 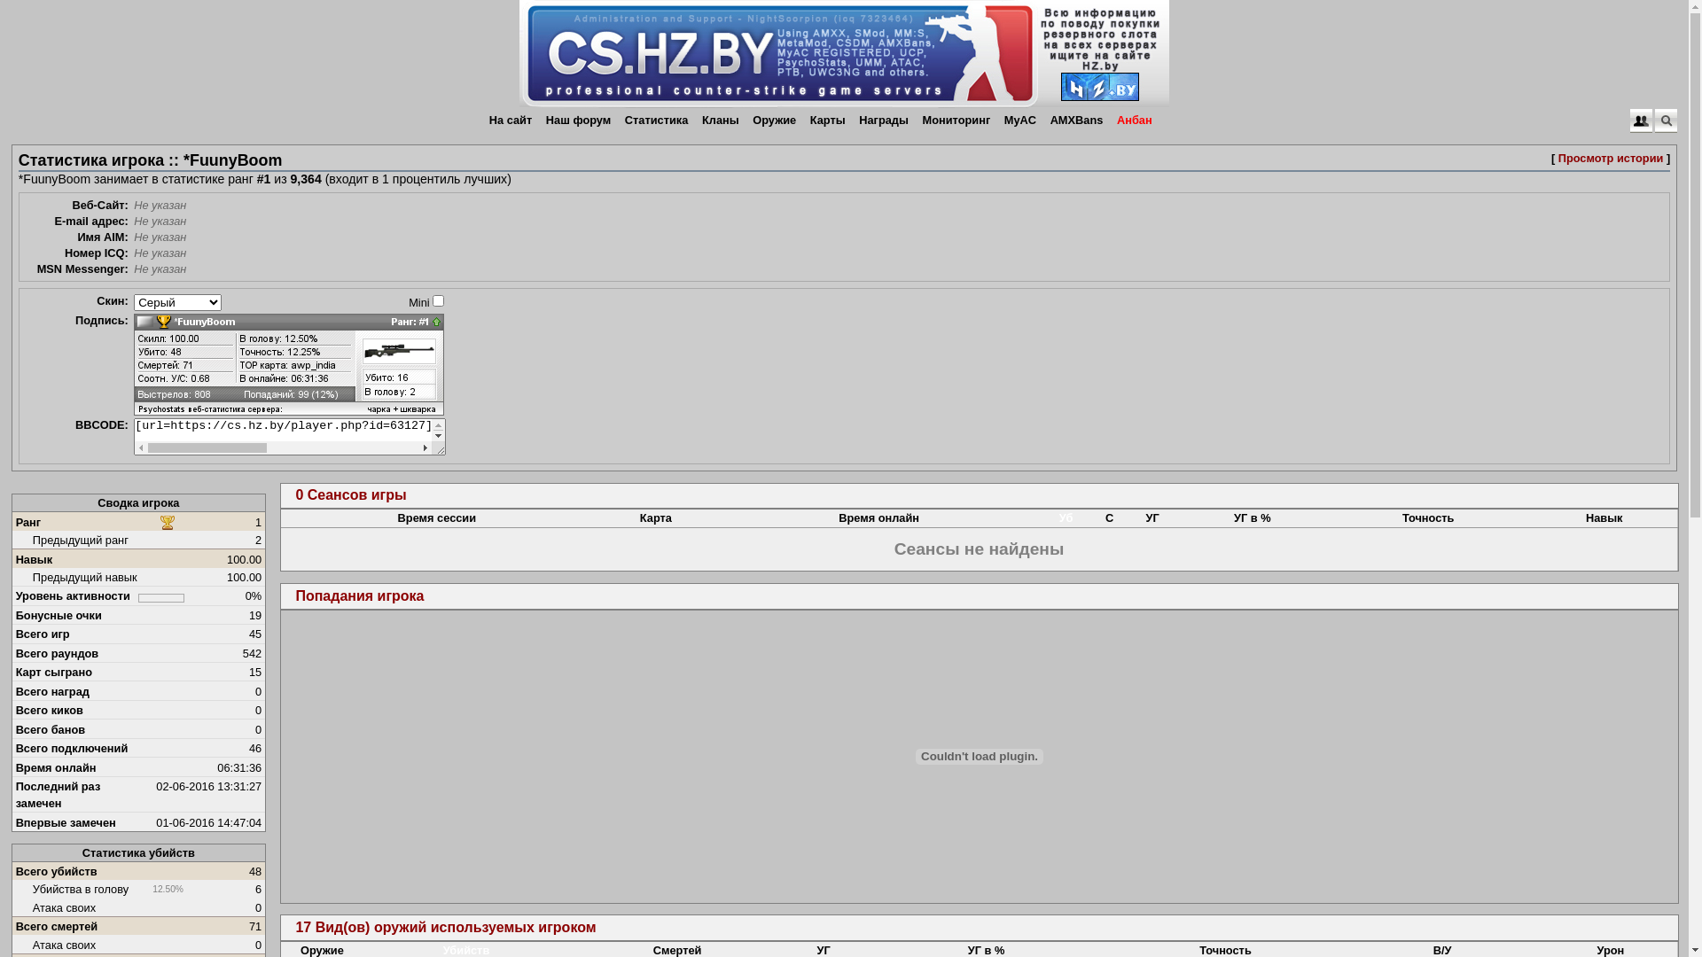 What do you see at coordinates (1075, 120) in the screenshot?
I see `'AMXBans'` at bounding box center [1075, 120].